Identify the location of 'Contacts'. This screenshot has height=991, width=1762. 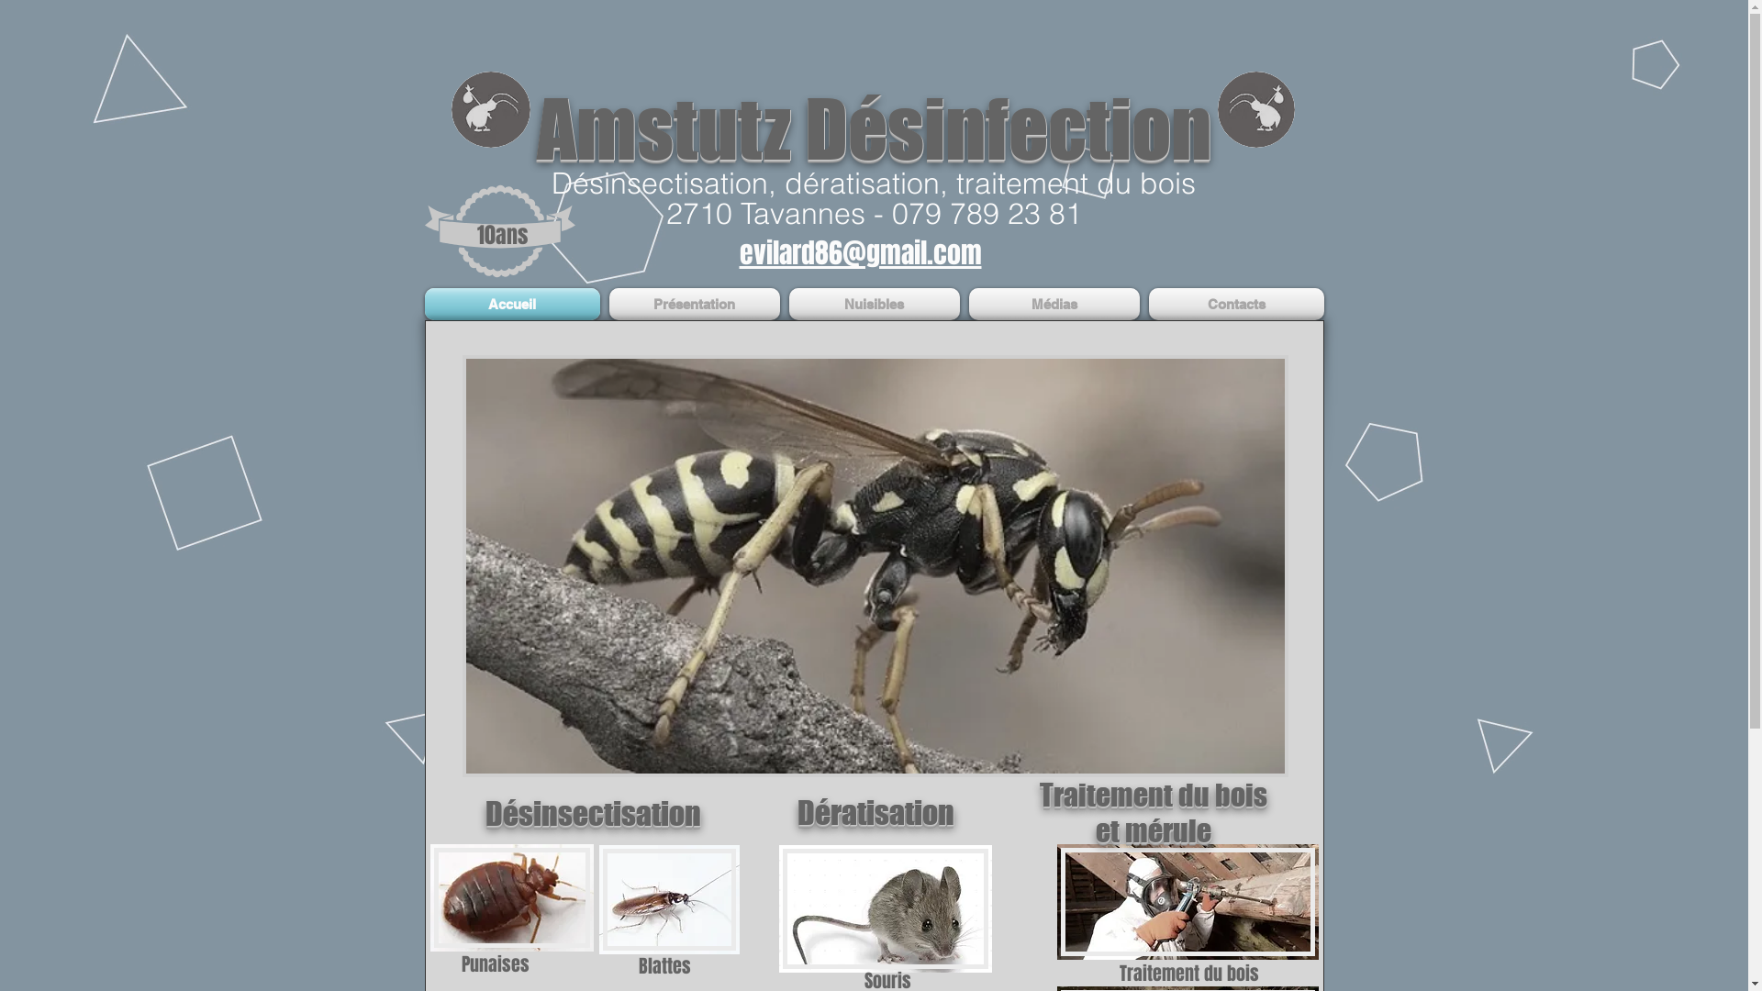
(1233, 303).